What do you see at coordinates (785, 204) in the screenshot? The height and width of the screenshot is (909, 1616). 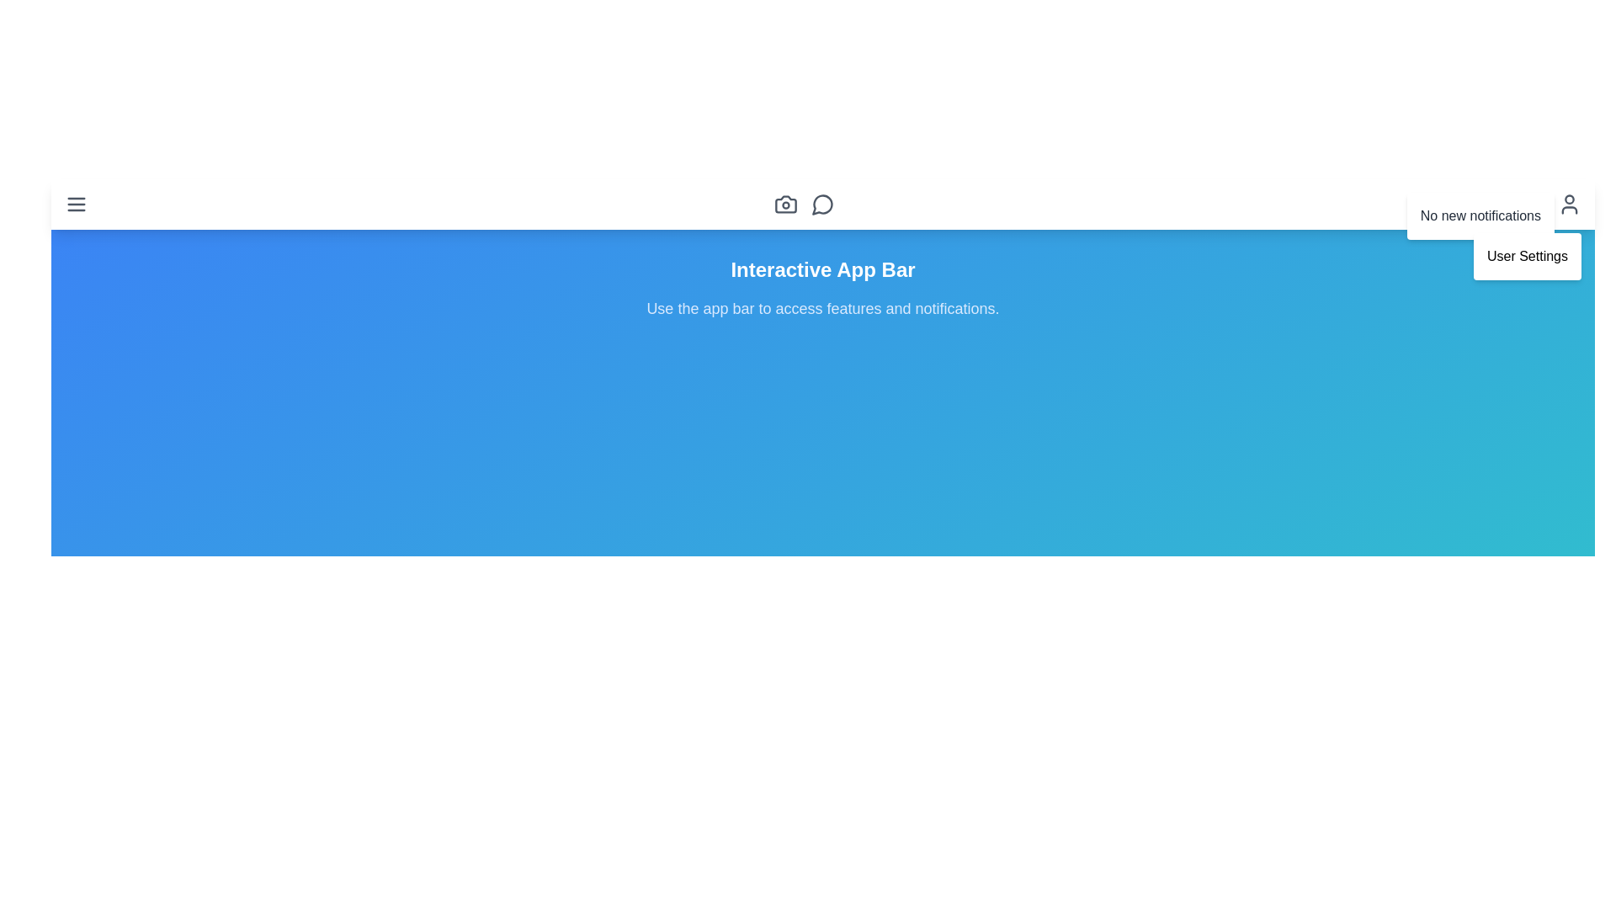 I see `the camera icon in the app bar` at bounding box center [785, 204].